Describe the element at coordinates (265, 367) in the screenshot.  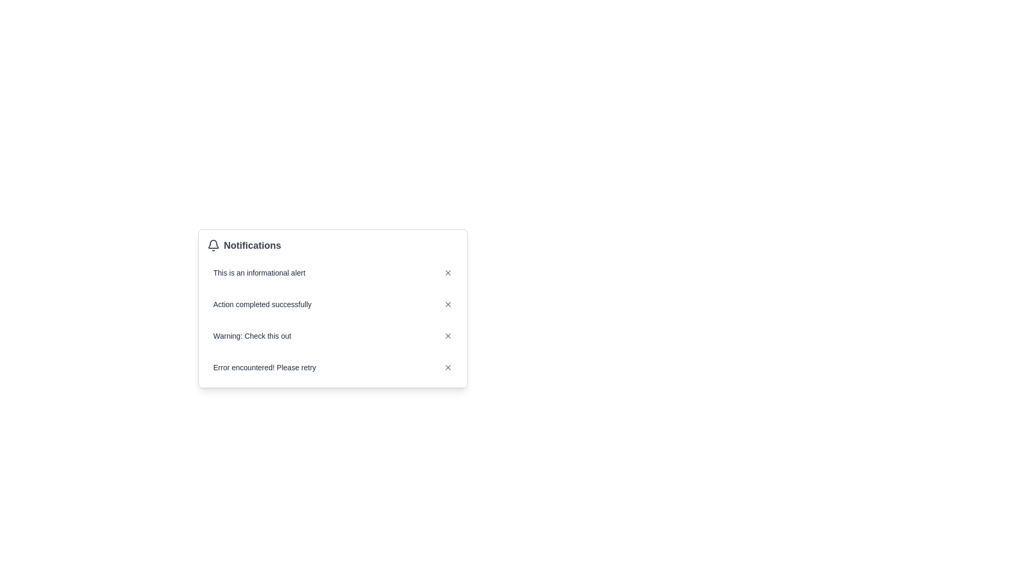
I see `the text element reading 'Error encountered! Please retry', which is styled in gray within a critical alert notification card with a red background` at that location.